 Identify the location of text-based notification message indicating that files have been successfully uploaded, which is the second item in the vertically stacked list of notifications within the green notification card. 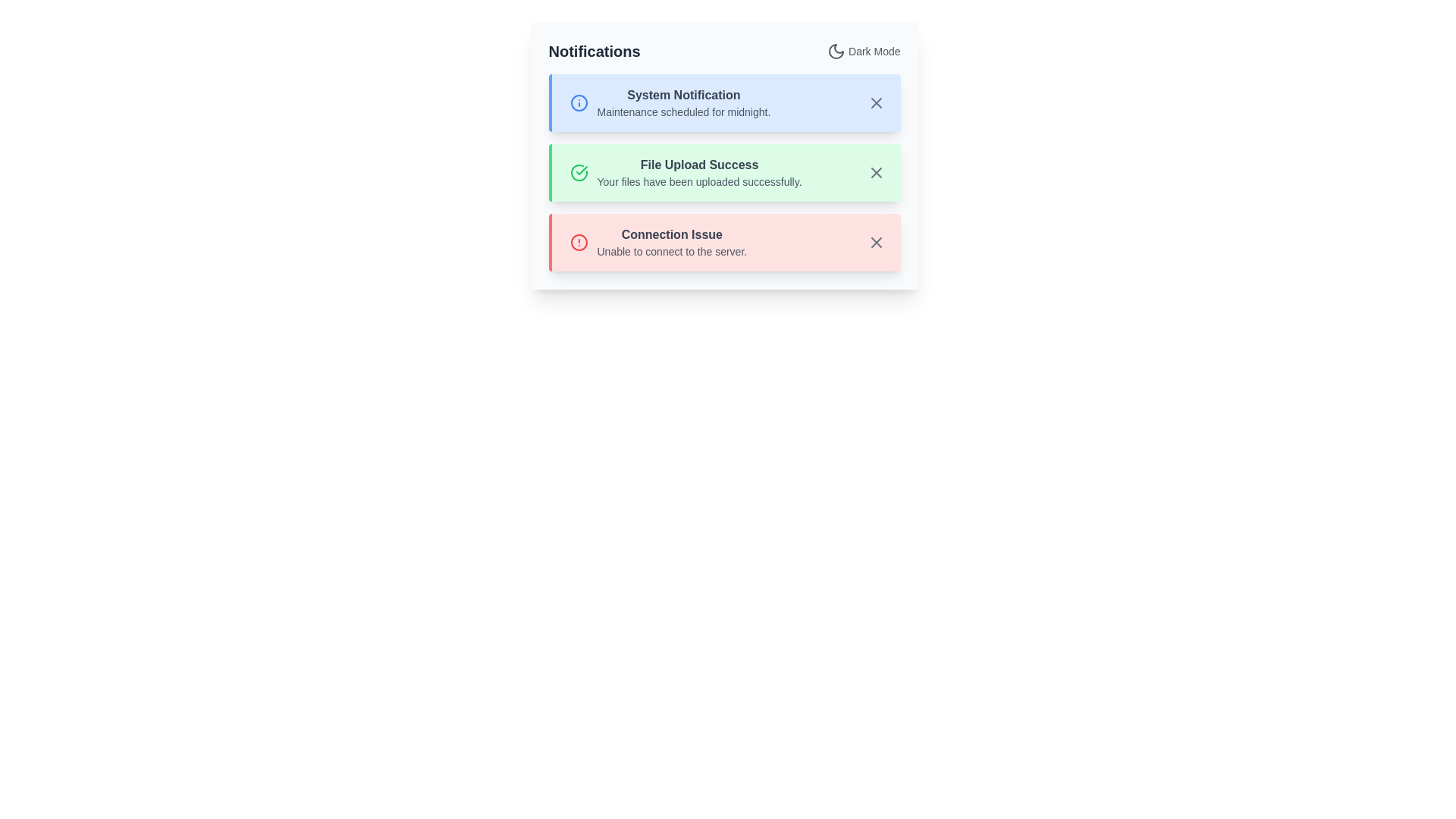
(698, 171).